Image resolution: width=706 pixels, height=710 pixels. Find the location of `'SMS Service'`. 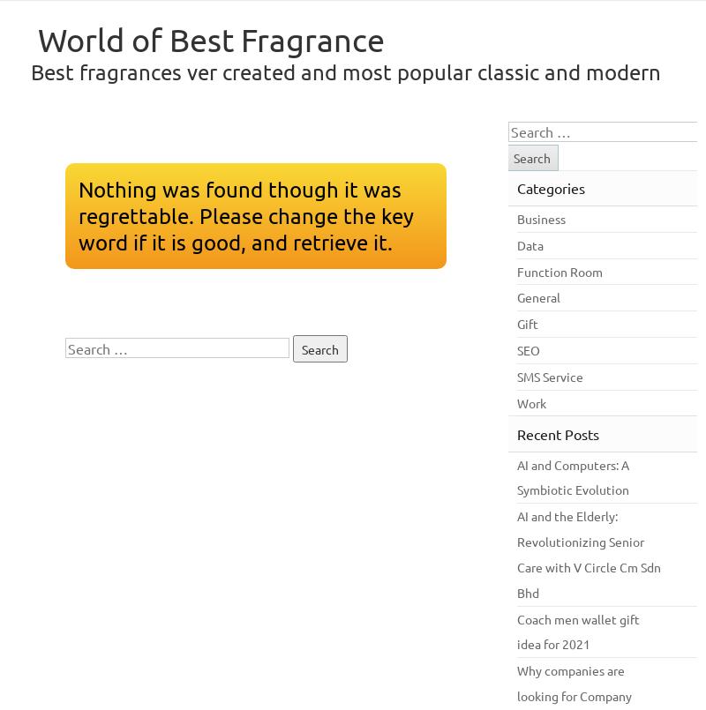

'SMS Service' is located at coordinates (516, 375).